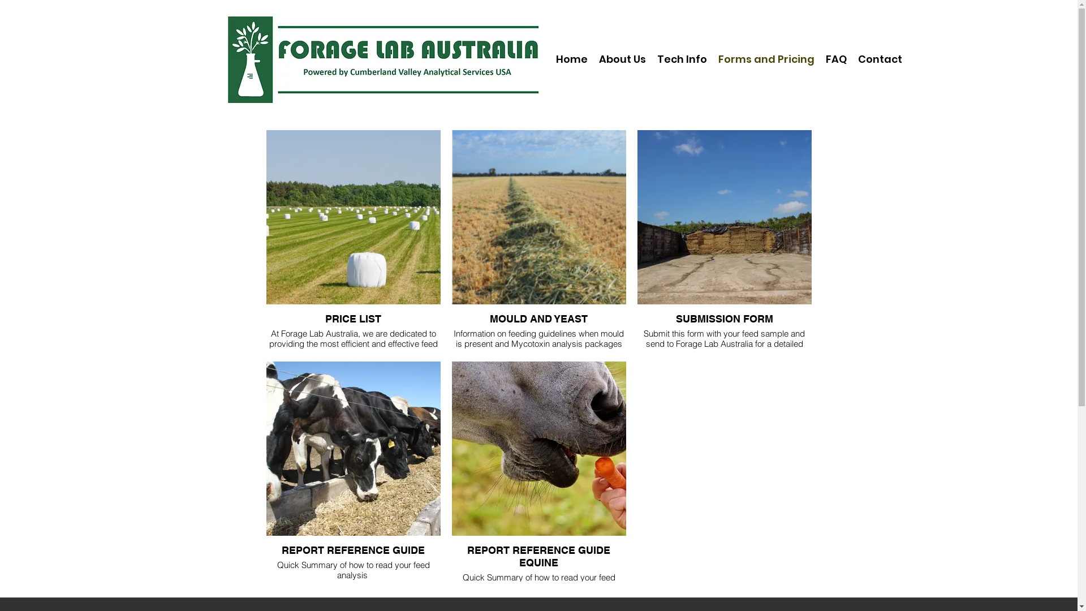  Describe the element at coordinates (621, 59) in the screenshot. I see `'About Us'` at that location.